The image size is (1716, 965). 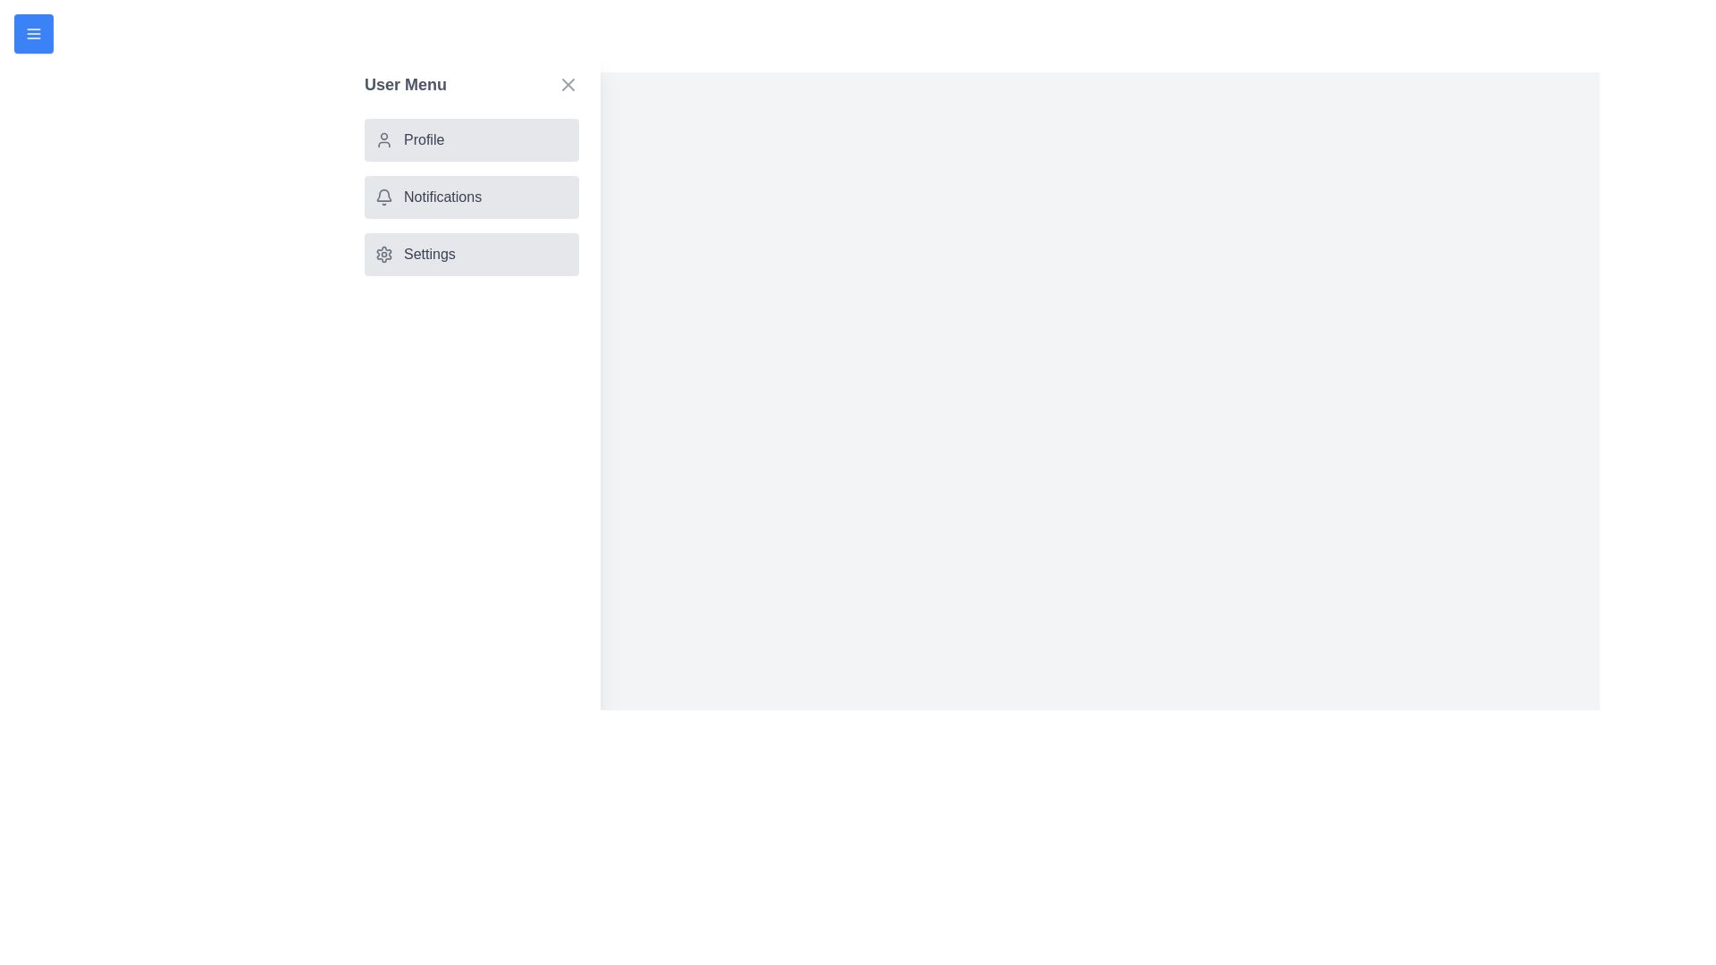 I want to click on the menu button to open or close the user drawer, so click(x=34, y=34).